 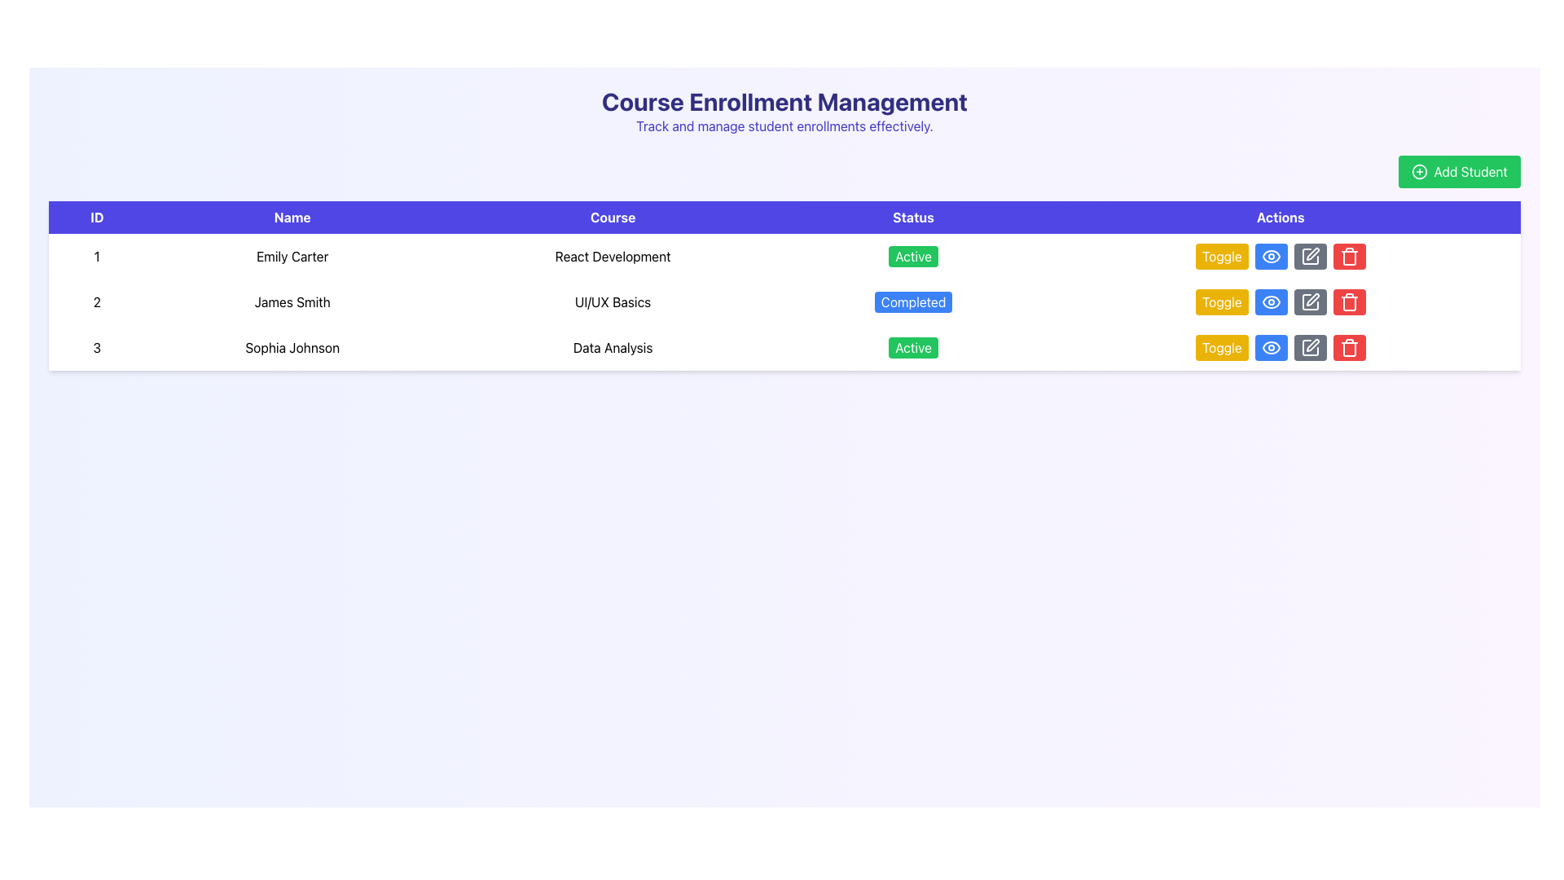 I want to click on the circular icon with a plus sign located within the green 'Add Student' button at the top-right corner of the interface, so click(x=1418, y=172).